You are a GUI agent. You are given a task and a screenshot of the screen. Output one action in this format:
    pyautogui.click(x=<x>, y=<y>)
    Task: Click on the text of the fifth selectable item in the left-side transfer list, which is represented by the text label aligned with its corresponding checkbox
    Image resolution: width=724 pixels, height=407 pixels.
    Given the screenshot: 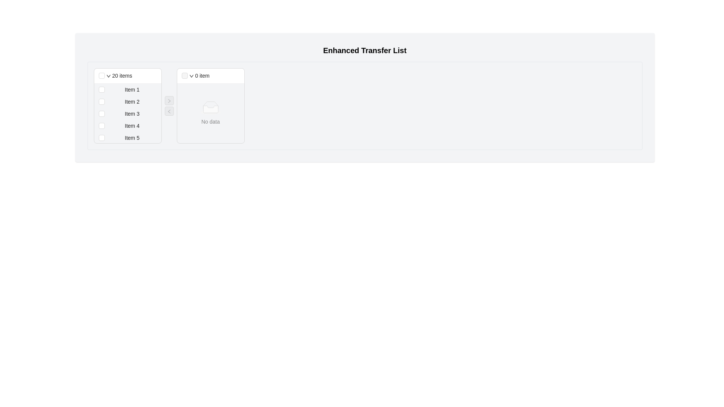 What is the action you would take?
    pyautogui.click(x=132, y=138)
    